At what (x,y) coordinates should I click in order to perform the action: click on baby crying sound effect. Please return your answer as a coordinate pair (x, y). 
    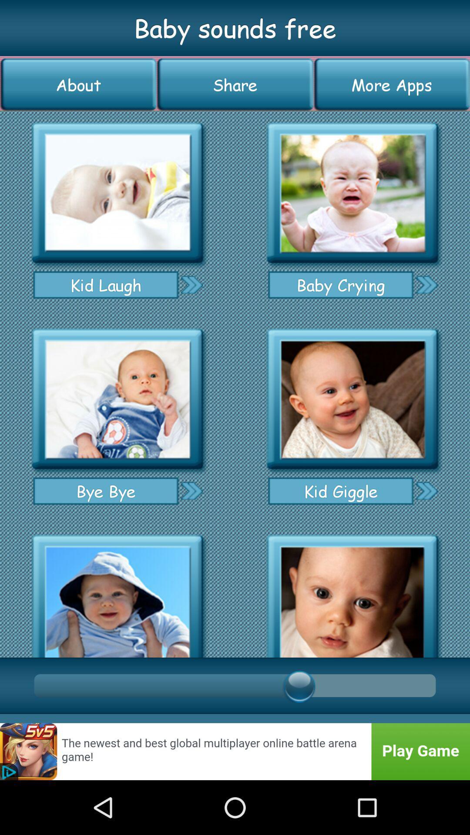
    Looking at the image, I should click on (352, 193).